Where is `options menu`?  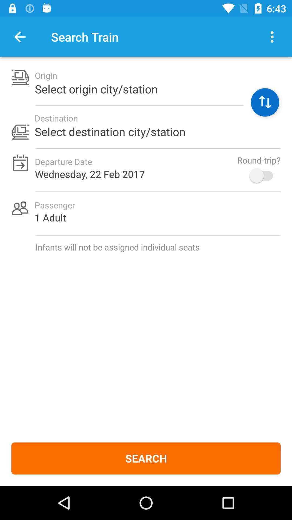
options menu is located at coordinates (272, 37).